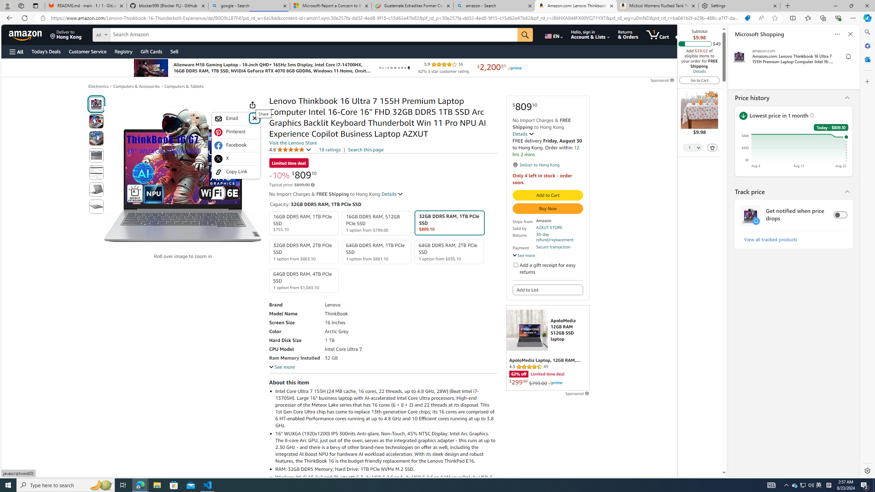 This screenshot has height=492, width=875. What do you see at coordinates (236, 132) in the screenshot?
I see `'Pinterest'` at bounding box center [236, 132].